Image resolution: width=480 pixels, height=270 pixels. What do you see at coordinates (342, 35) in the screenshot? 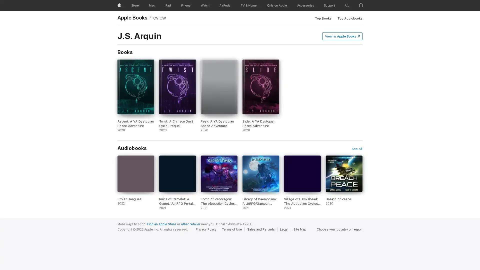
I see `View in Apple Books` at bounding box center [342, 35].